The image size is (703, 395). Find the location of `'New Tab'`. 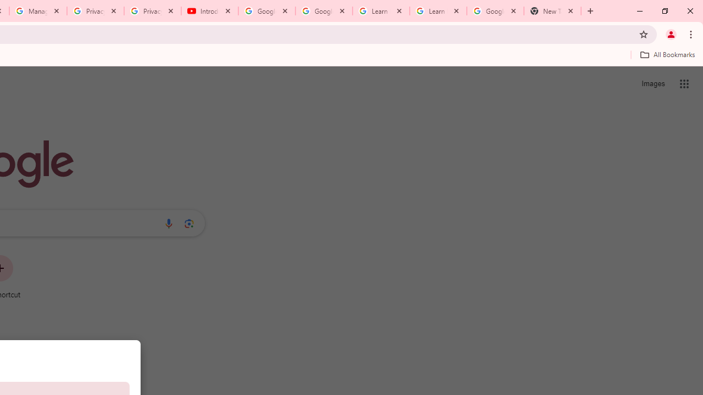

'New Tab' is located at coordinates (553, 11).